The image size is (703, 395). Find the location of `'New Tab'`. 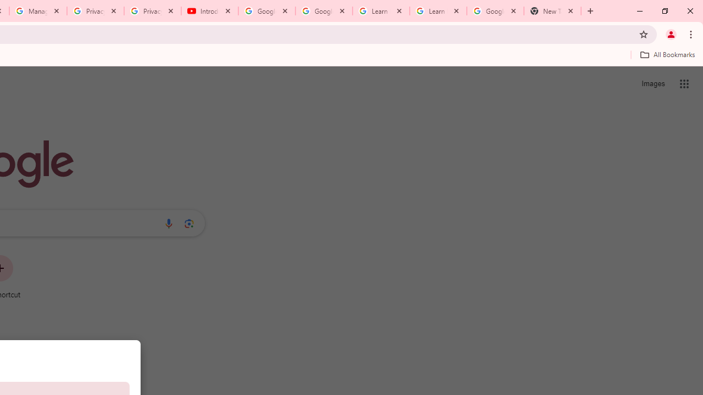

'New Tab' is located at coordinates (553, 11).